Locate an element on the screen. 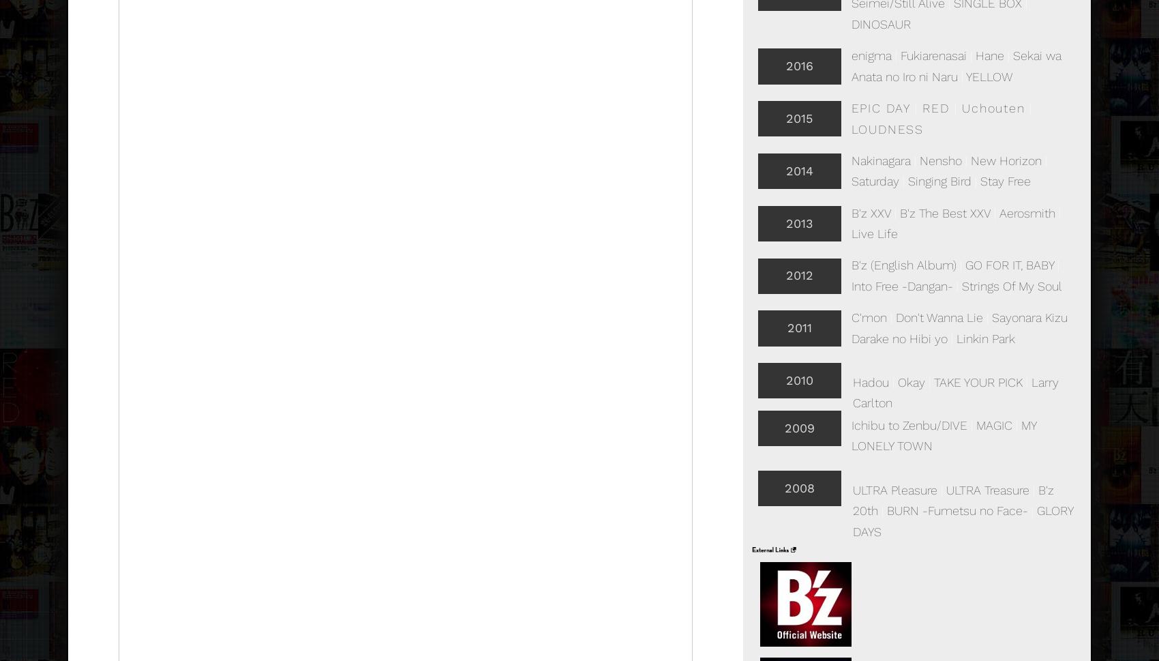  'Stay Free' is located at coordinates (1004, 181).